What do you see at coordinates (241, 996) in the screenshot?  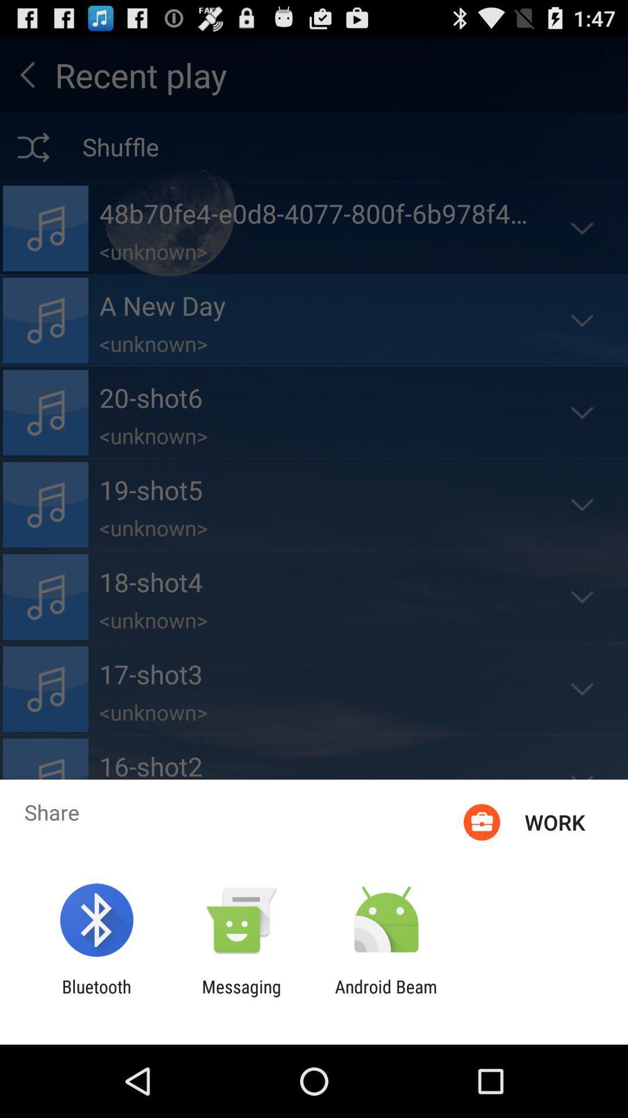 I see `item to the left of android beam icon` at bounding box center [241, 996].